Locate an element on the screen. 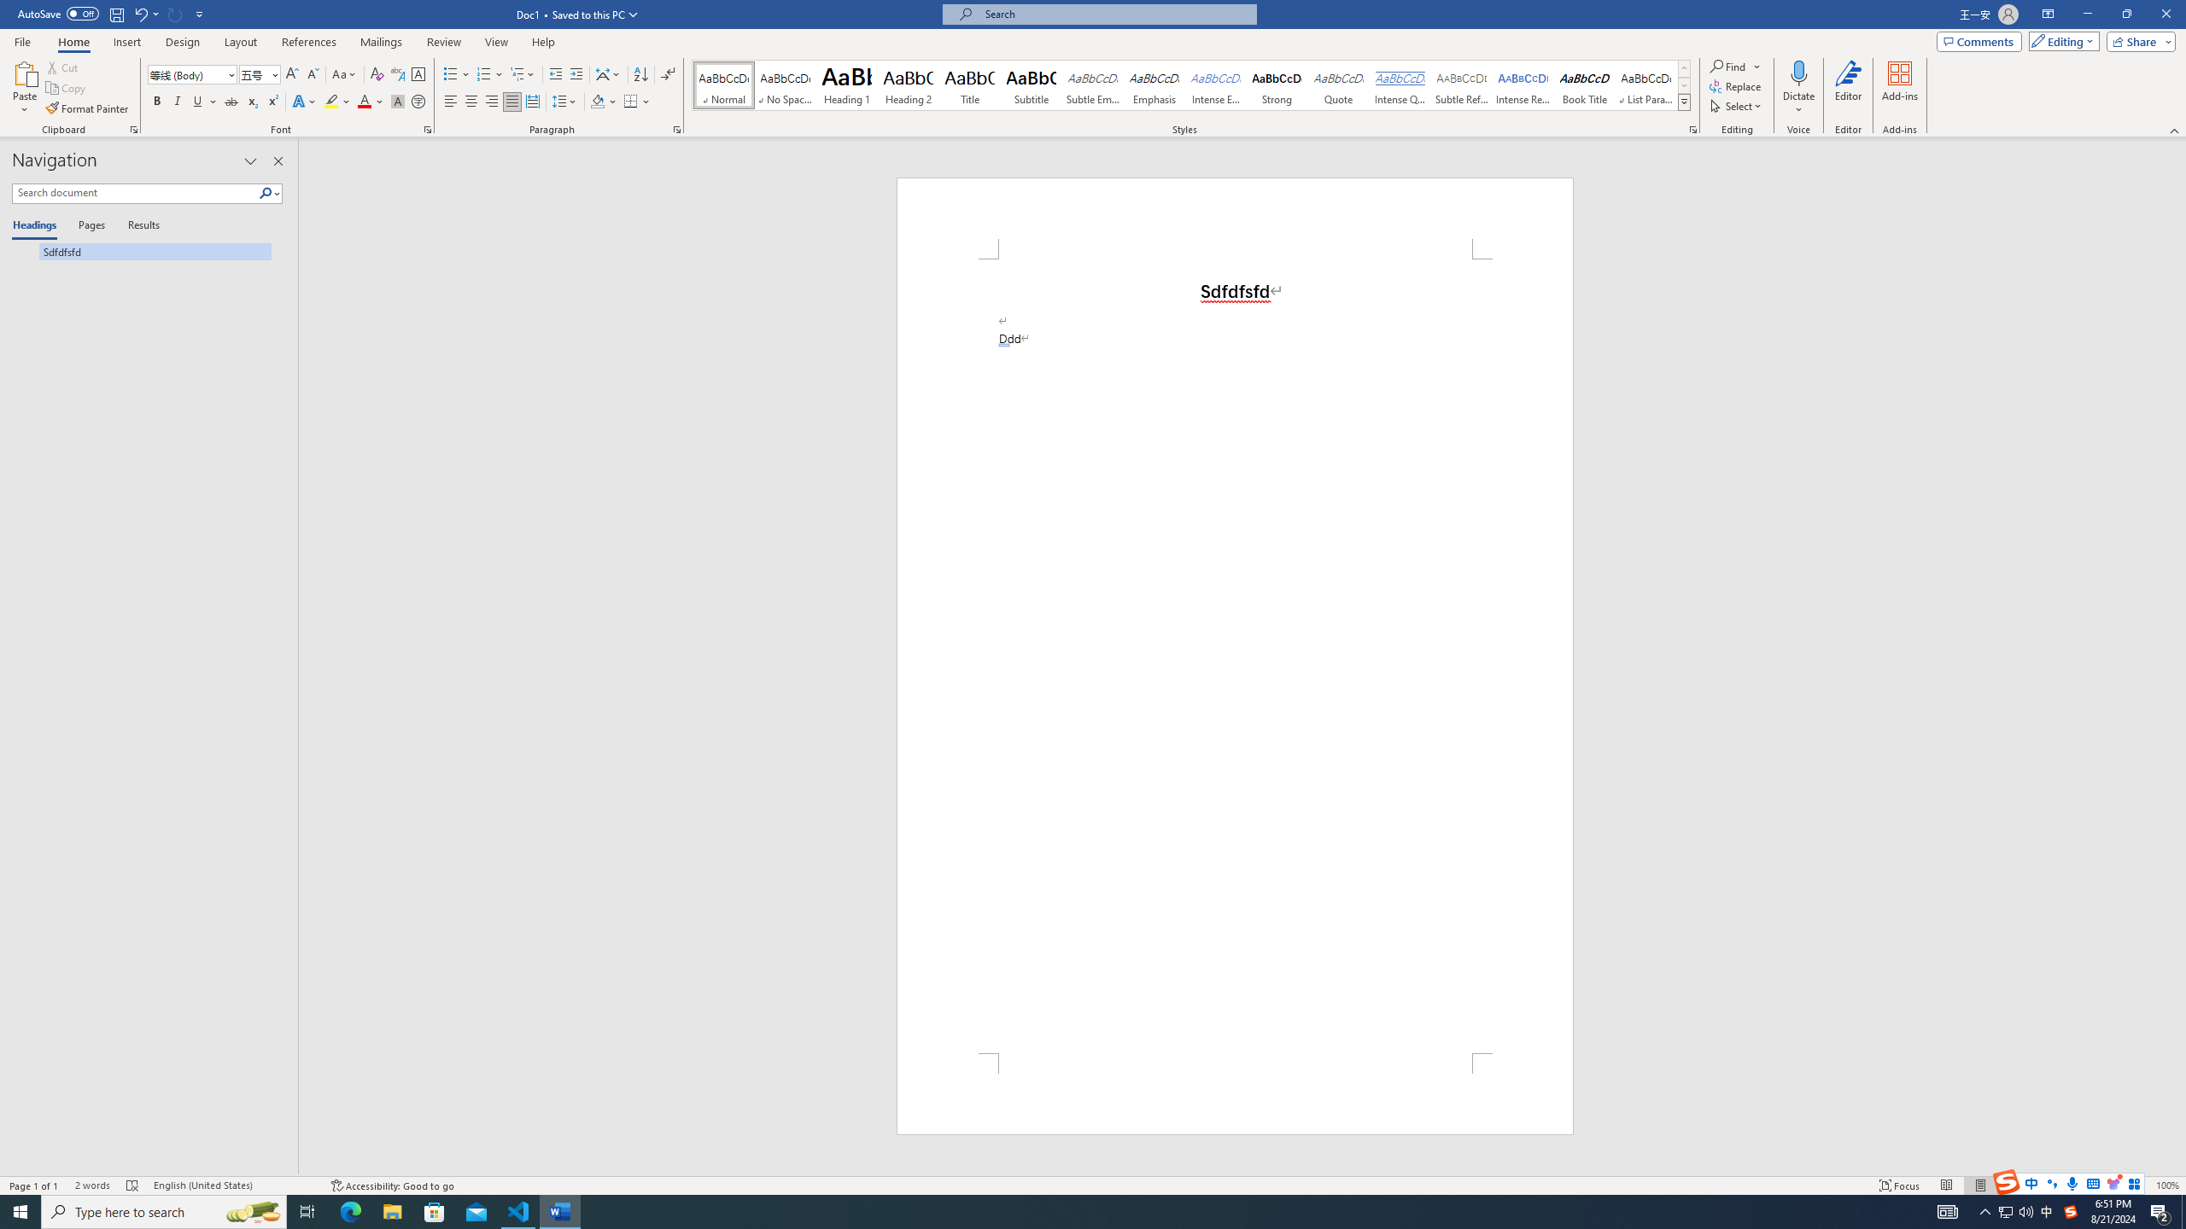 The width and height of the screenshot is (2186, 1229). 'Customize Quick Access Toolbar' is located at coordinates (199, 13).